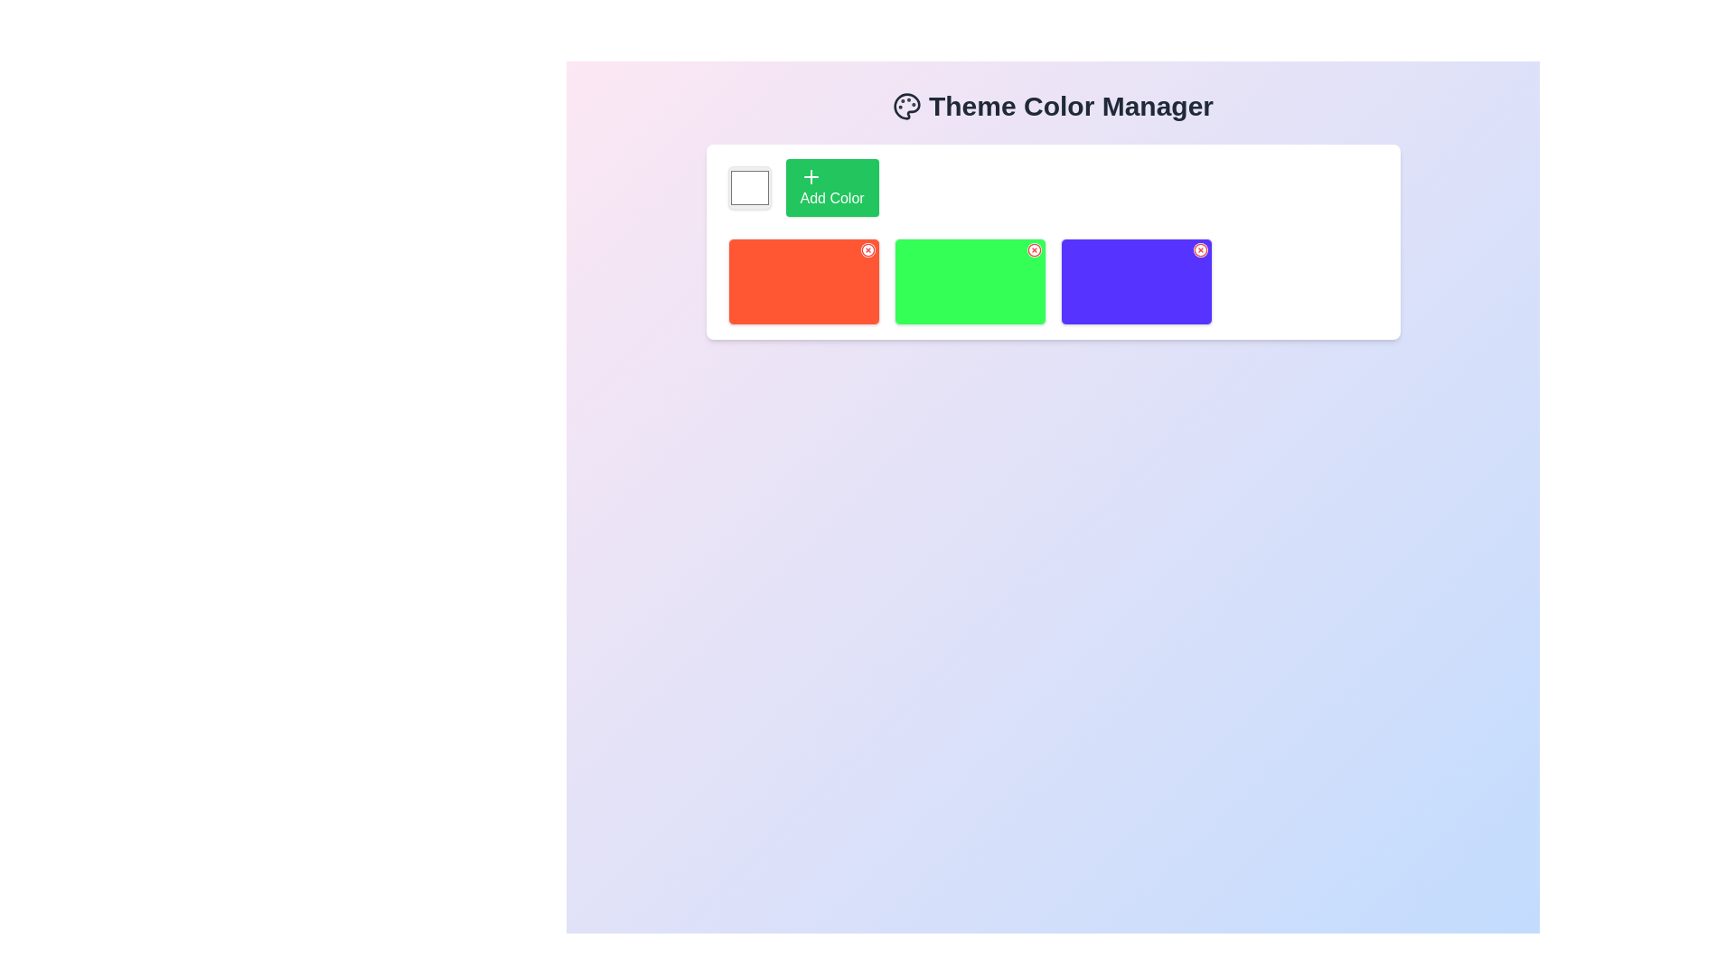 Image resolution: width=1735 pixels, height=976 pixels. I want to click on the graphical palette icon located above the main interface components near the 'Theme Color Manager' title text, so click(906, 107).